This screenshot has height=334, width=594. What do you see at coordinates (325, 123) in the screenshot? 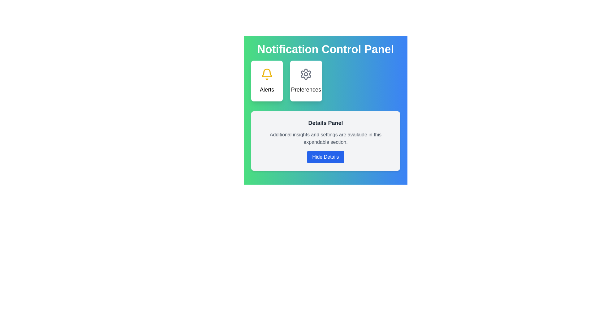
I see `the text header labeled 'Details Panel', which is styled in bold and larger font, colored dark gray, positioned at the top-center of the Details Panel section` at bounding box center [325, 123].